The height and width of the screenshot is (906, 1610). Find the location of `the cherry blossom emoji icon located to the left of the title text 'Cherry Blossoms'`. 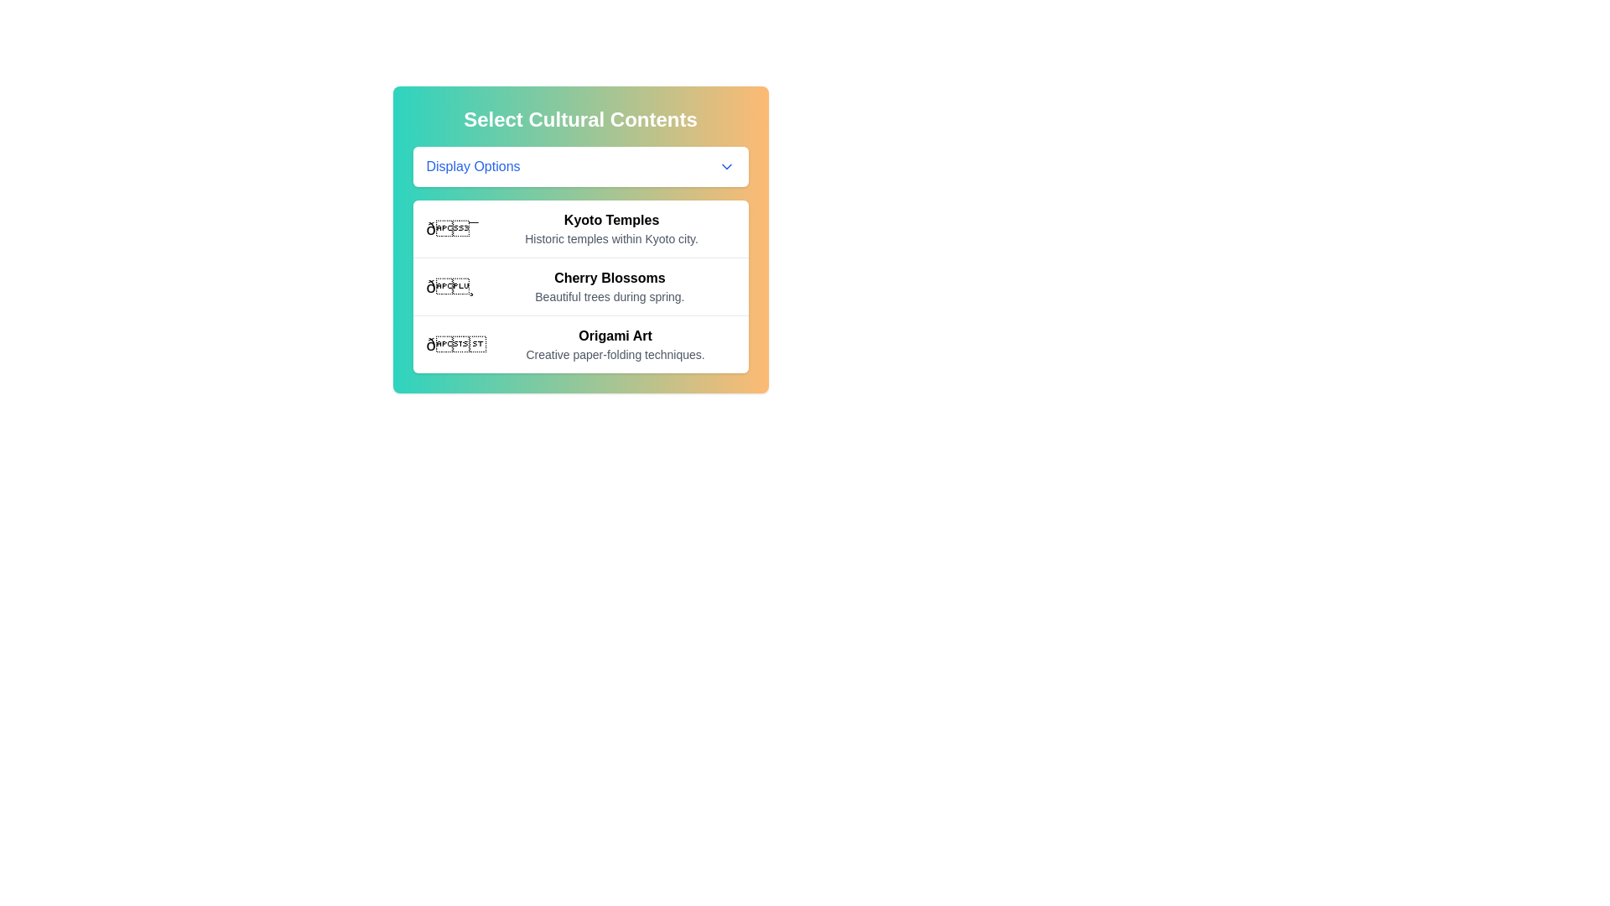

the cherry blossom emoji icon located to the left of the title text 'Cherry Blossoms' is located at coordinates (450, 286).